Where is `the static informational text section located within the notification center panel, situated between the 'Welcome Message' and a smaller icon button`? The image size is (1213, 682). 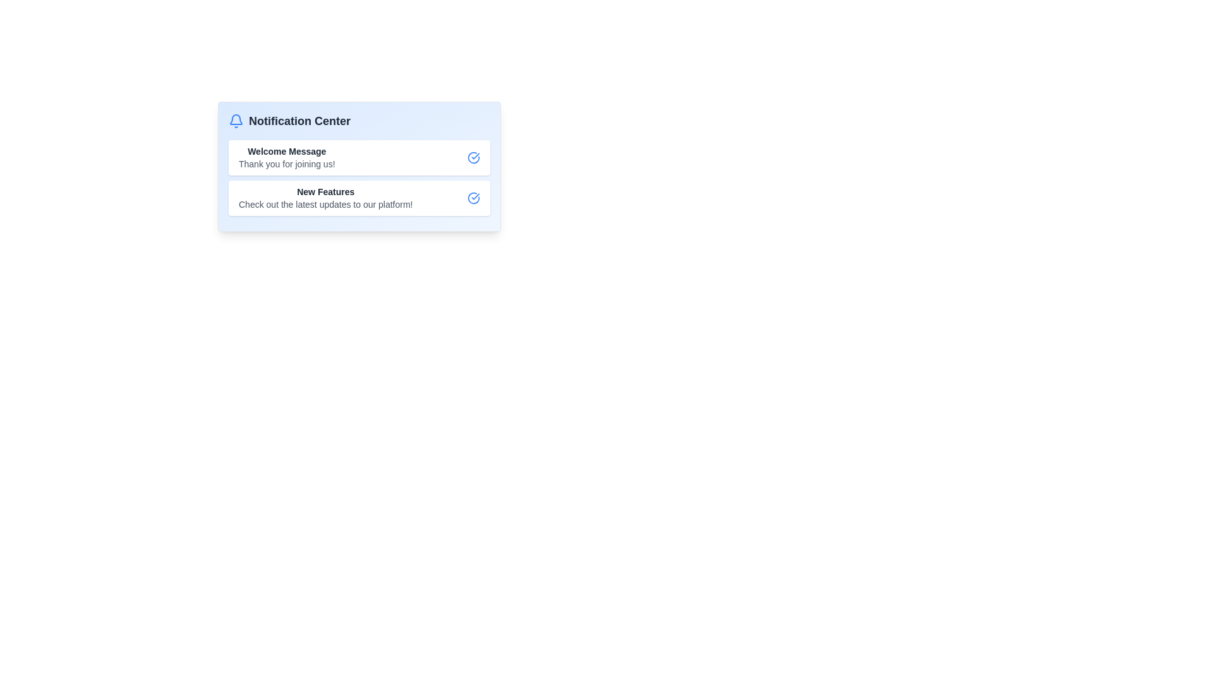 the static informational text section located within the notification center panel, situated between the 'Welcome Message' and a smaller icon button is located at coordinates (325, 198).